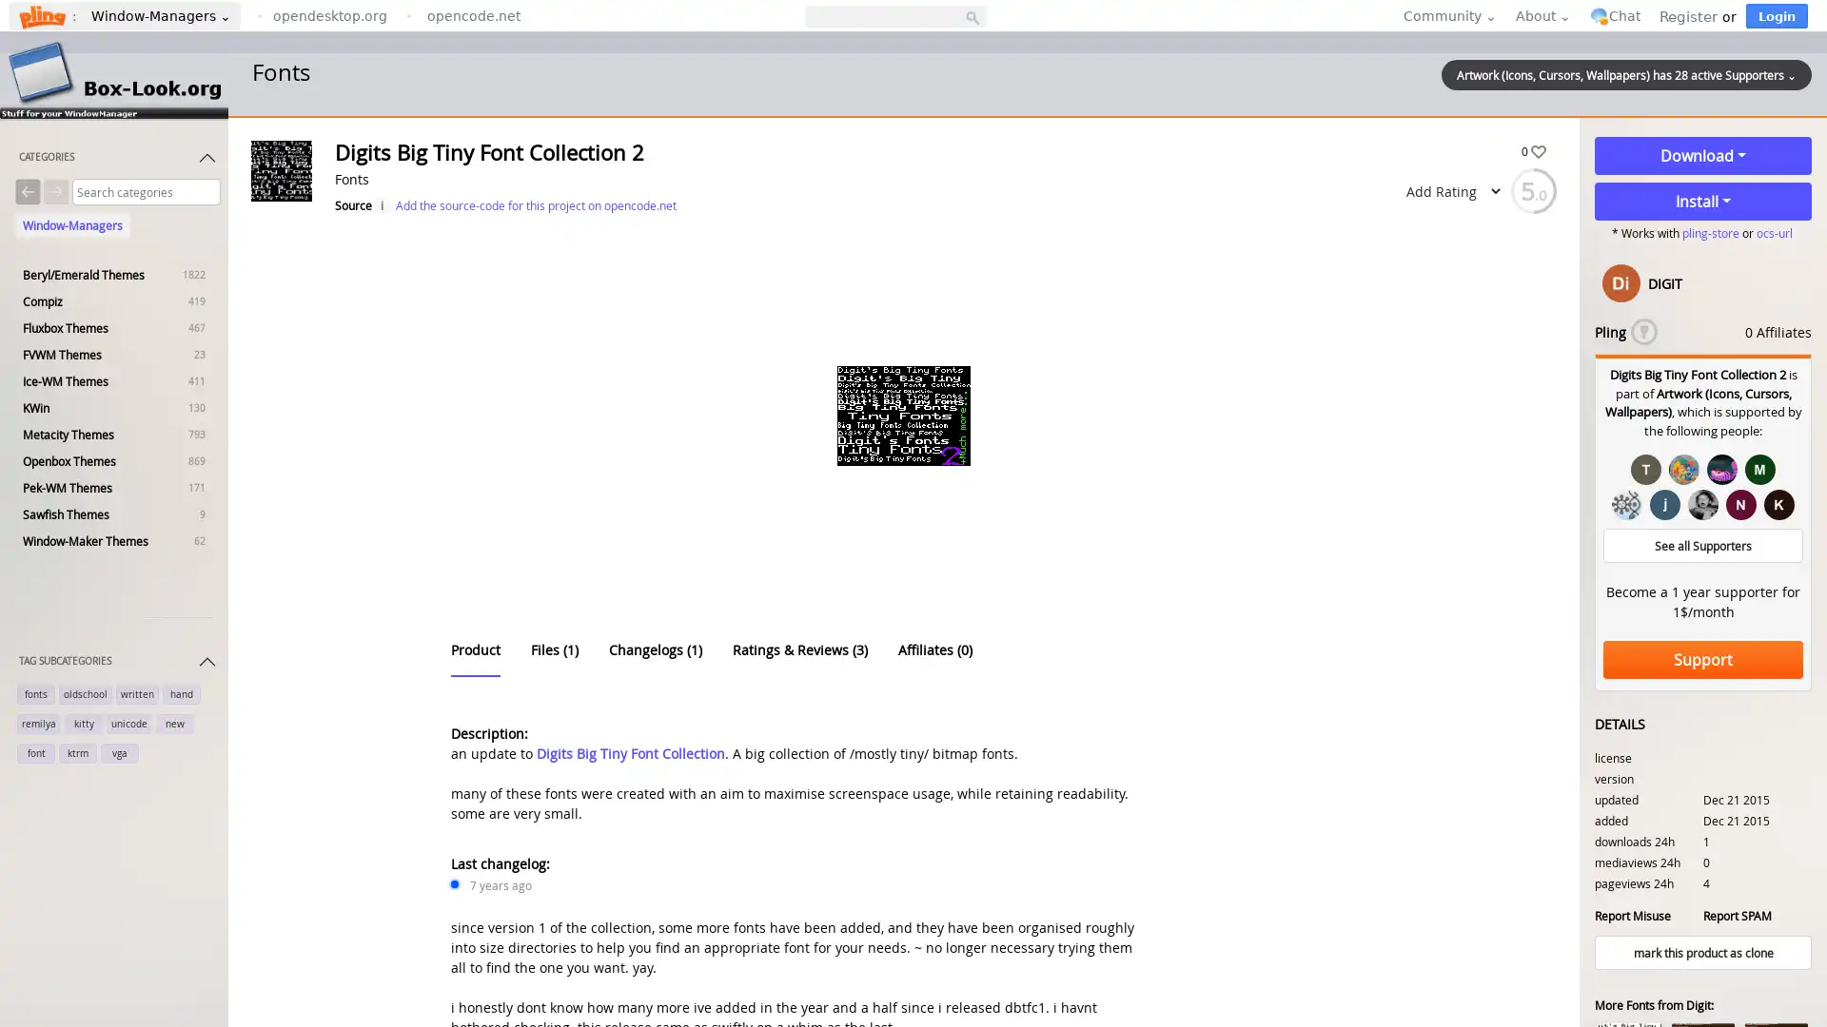 This screenshot has height=1027, width=1827. Describe the element at coordinates (1703, 953) in the screenshot. I see `mark this product as clone` at that location.